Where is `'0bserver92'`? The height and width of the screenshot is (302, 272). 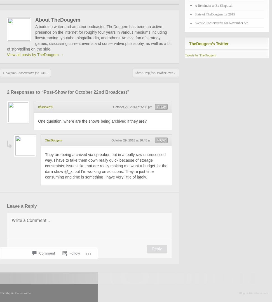
'0bserver92' is located at coordinates (38, 107).